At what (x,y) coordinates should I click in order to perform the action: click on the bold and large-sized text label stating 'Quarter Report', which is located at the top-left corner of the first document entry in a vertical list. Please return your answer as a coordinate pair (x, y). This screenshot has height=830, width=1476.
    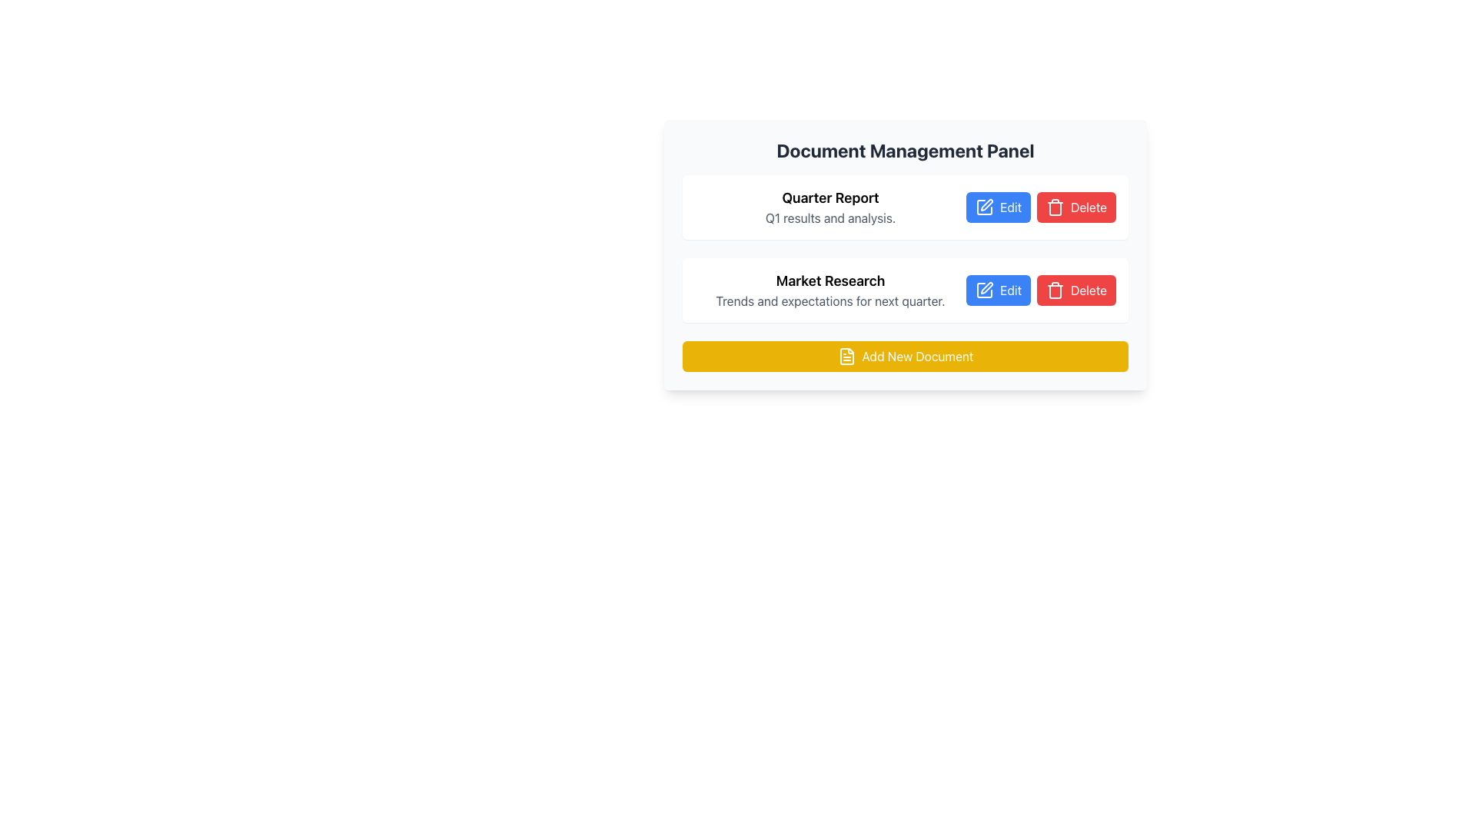
    Looking at the image, I should click on (829, 198).